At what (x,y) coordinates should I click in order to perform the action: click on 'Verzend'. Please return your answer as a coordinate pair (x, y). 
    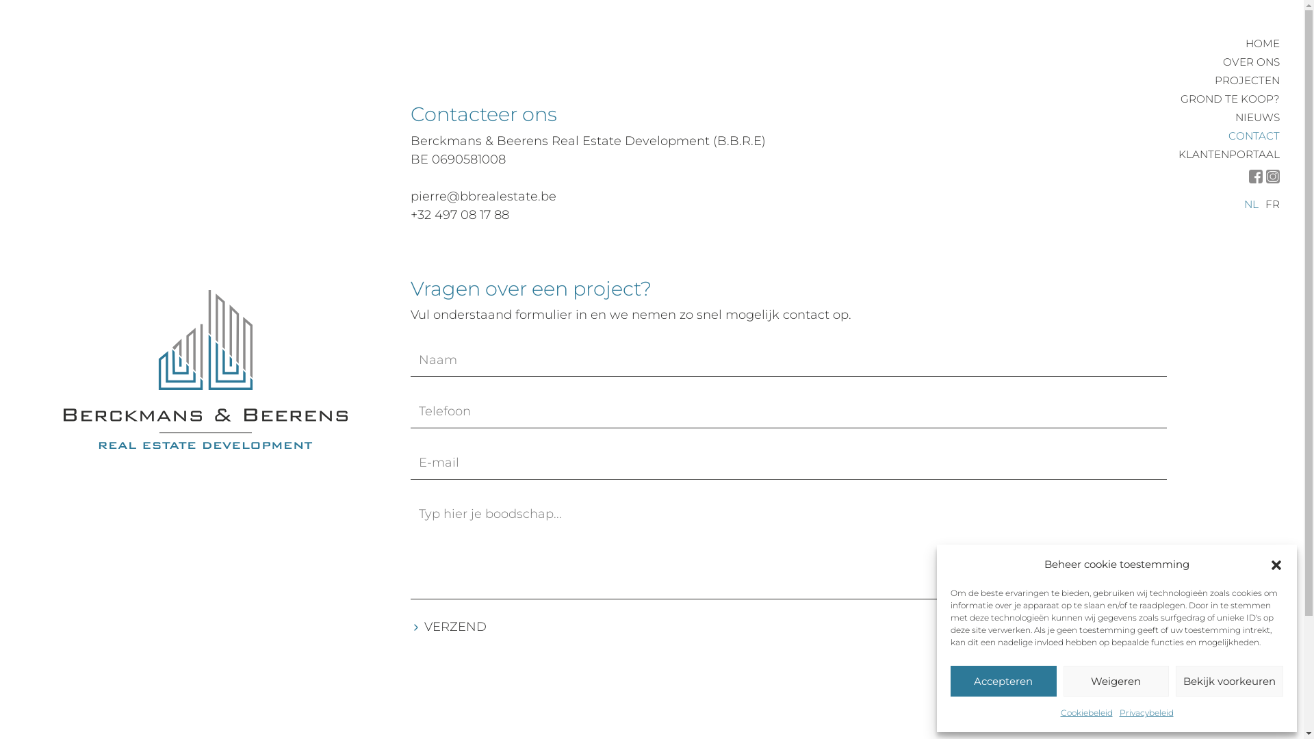
    Looking at the image, I should click on (410, 627).